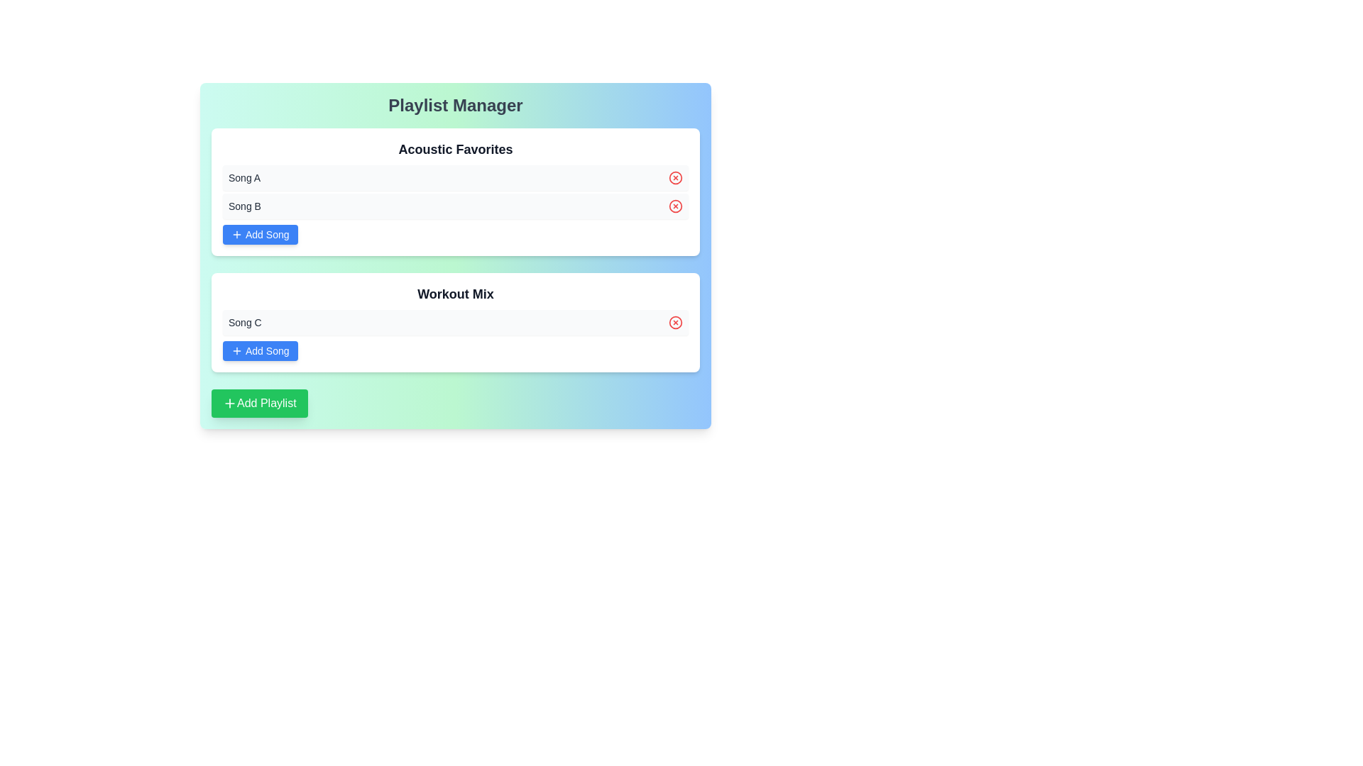  What do you see at coordinates (260, 234) in the screenshot?
I see `the 'Add Song' button, which is a rectangular button with rounded edges, blue background, and a white label, located at the bottom left of the 'Acoustic Favorites' section` at bounding box center [260, 234].